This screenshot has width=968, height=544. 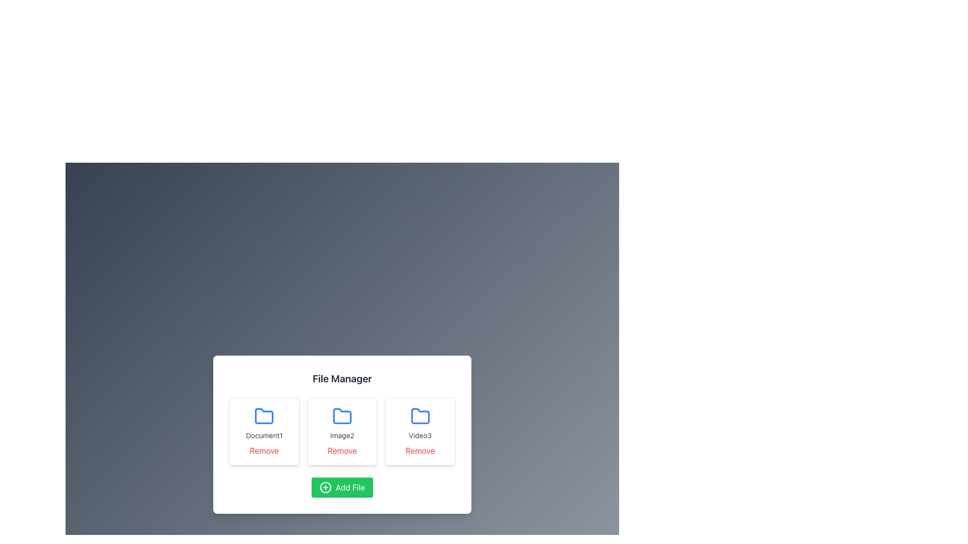 I want to click on the 'Remove' text link styled with red font color located below the 'Video3' blue folder icon in the 'File Manager' interface, so click(x=420, y=450).